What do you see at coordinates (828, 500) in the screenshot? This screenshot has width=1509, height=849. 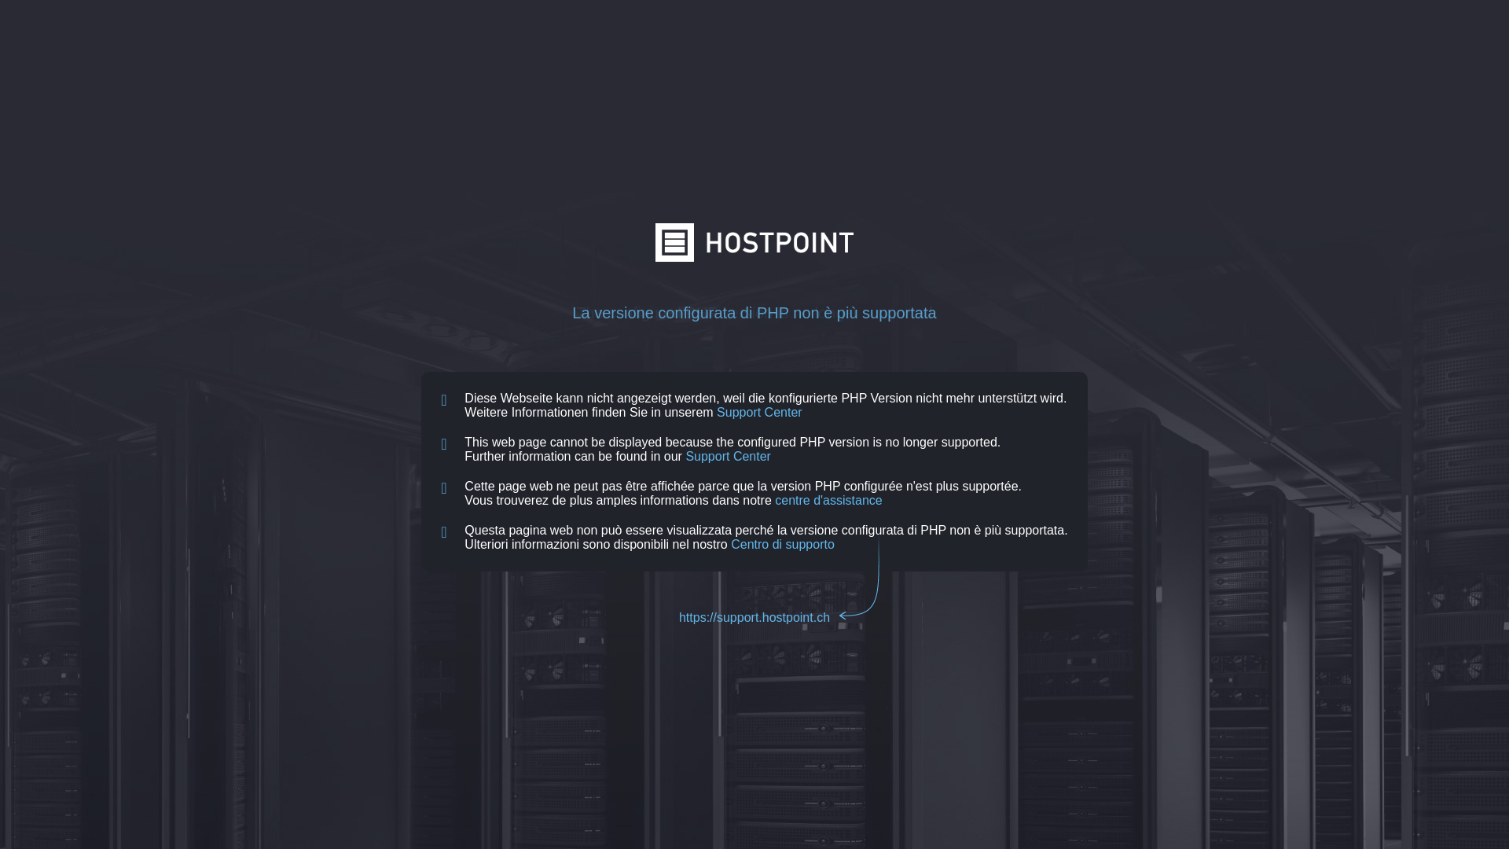 I see `'centre d'assistance'` at bounding box center [828, 500].